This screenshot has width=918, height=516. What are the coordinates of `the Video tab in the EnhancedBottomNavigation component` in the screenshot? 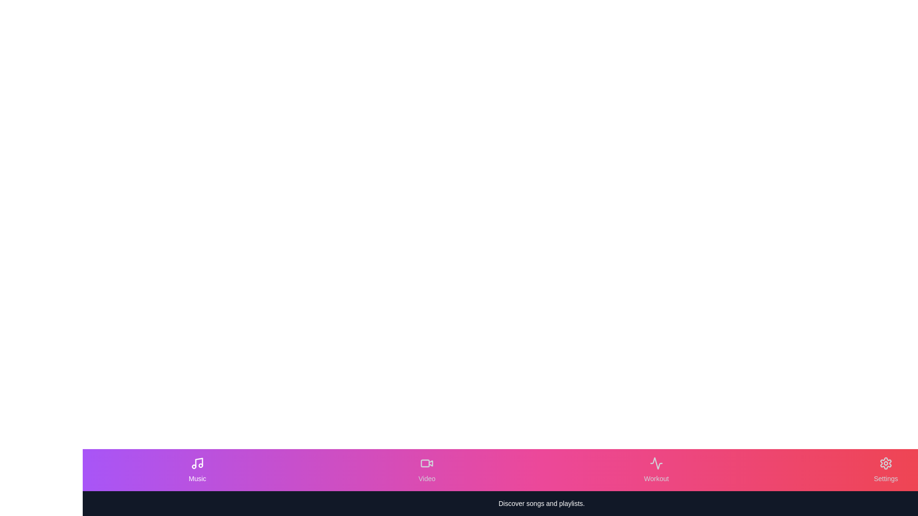 It's located at (426, 469).